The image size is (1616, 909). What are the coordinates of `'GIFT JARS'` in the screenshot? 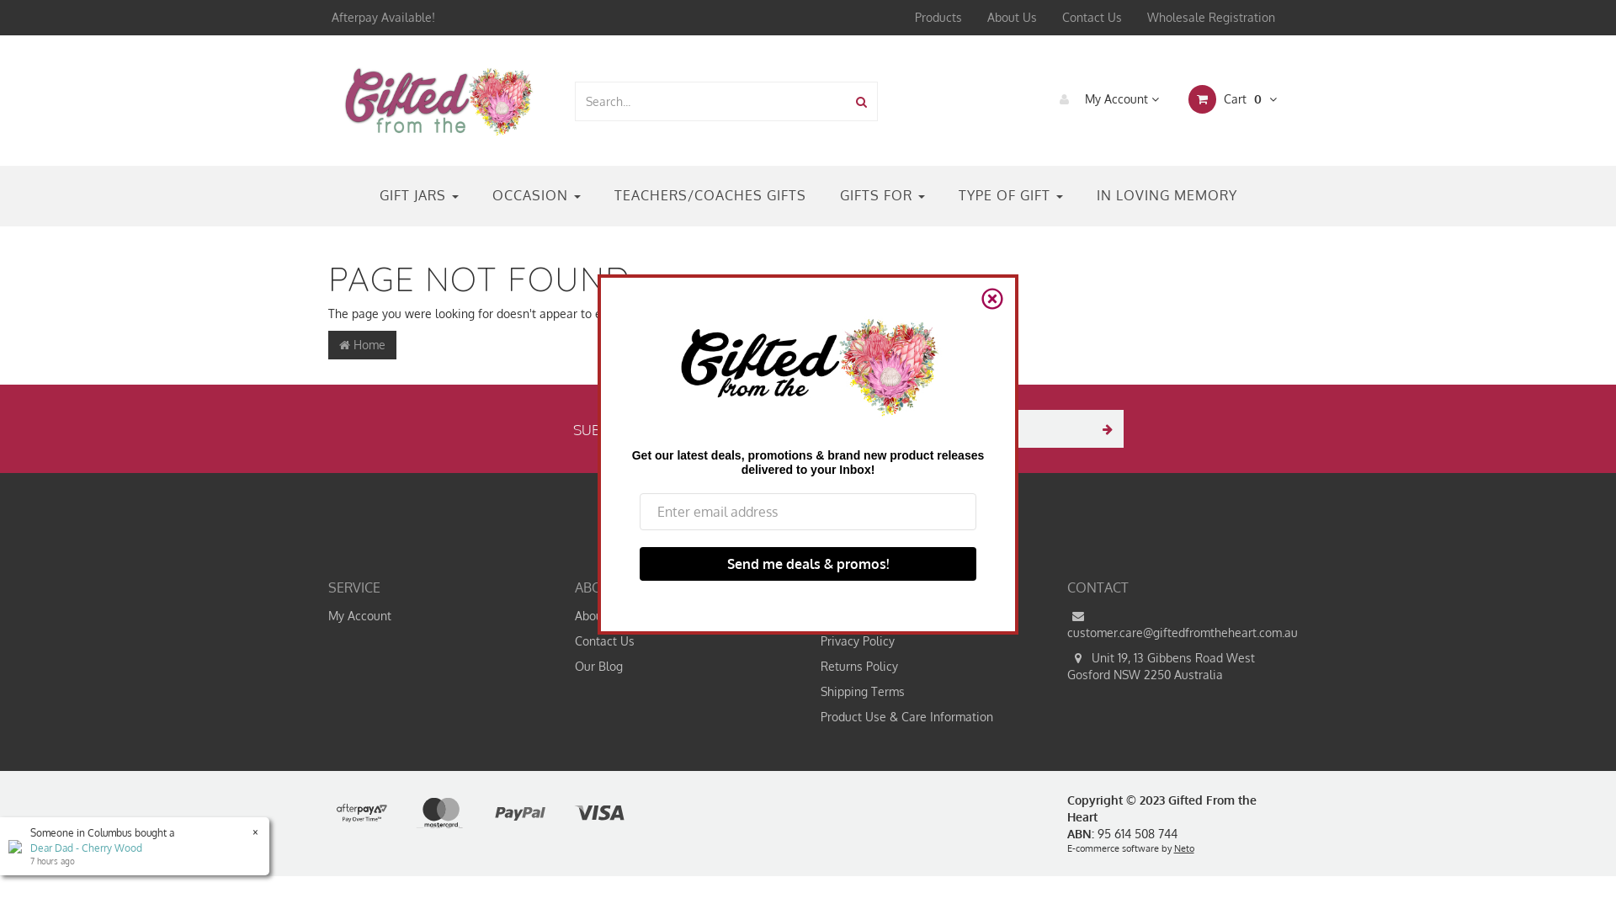 It's located at (418, 194).